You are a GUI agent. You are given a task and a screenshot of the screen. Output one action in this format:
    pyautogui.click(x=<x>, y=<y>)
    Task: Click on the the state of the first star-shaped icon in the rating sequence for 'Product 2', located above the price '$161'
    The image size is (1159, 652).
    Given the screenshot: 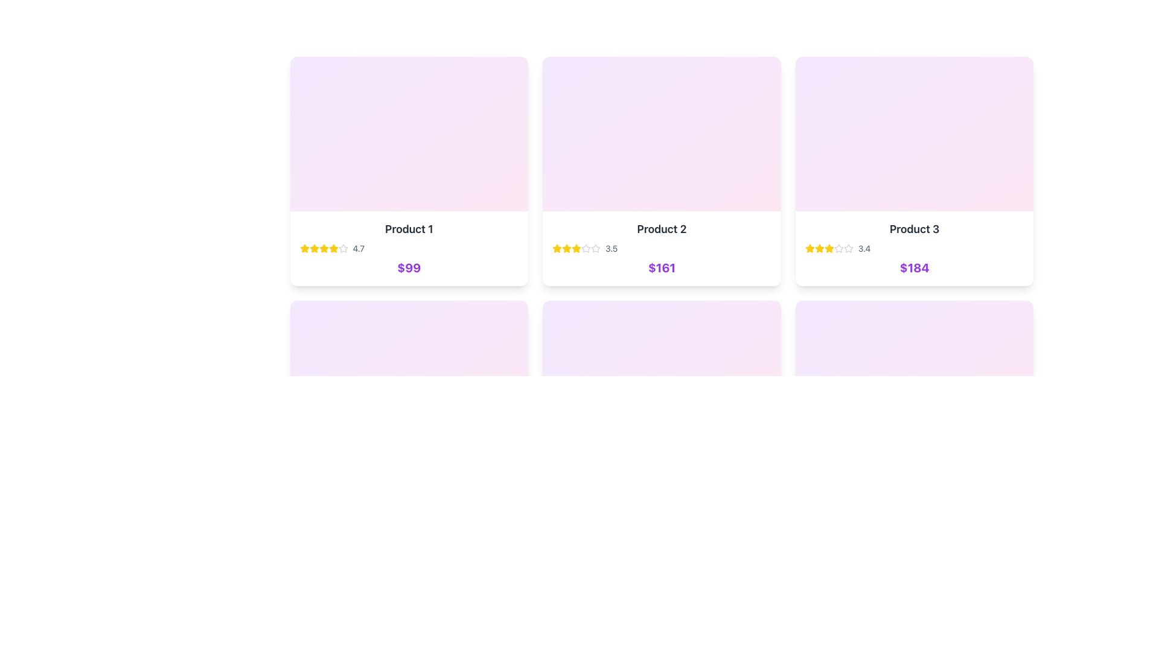 What is the action you would take?
    pyautogui.click(x=557, y=248)
    